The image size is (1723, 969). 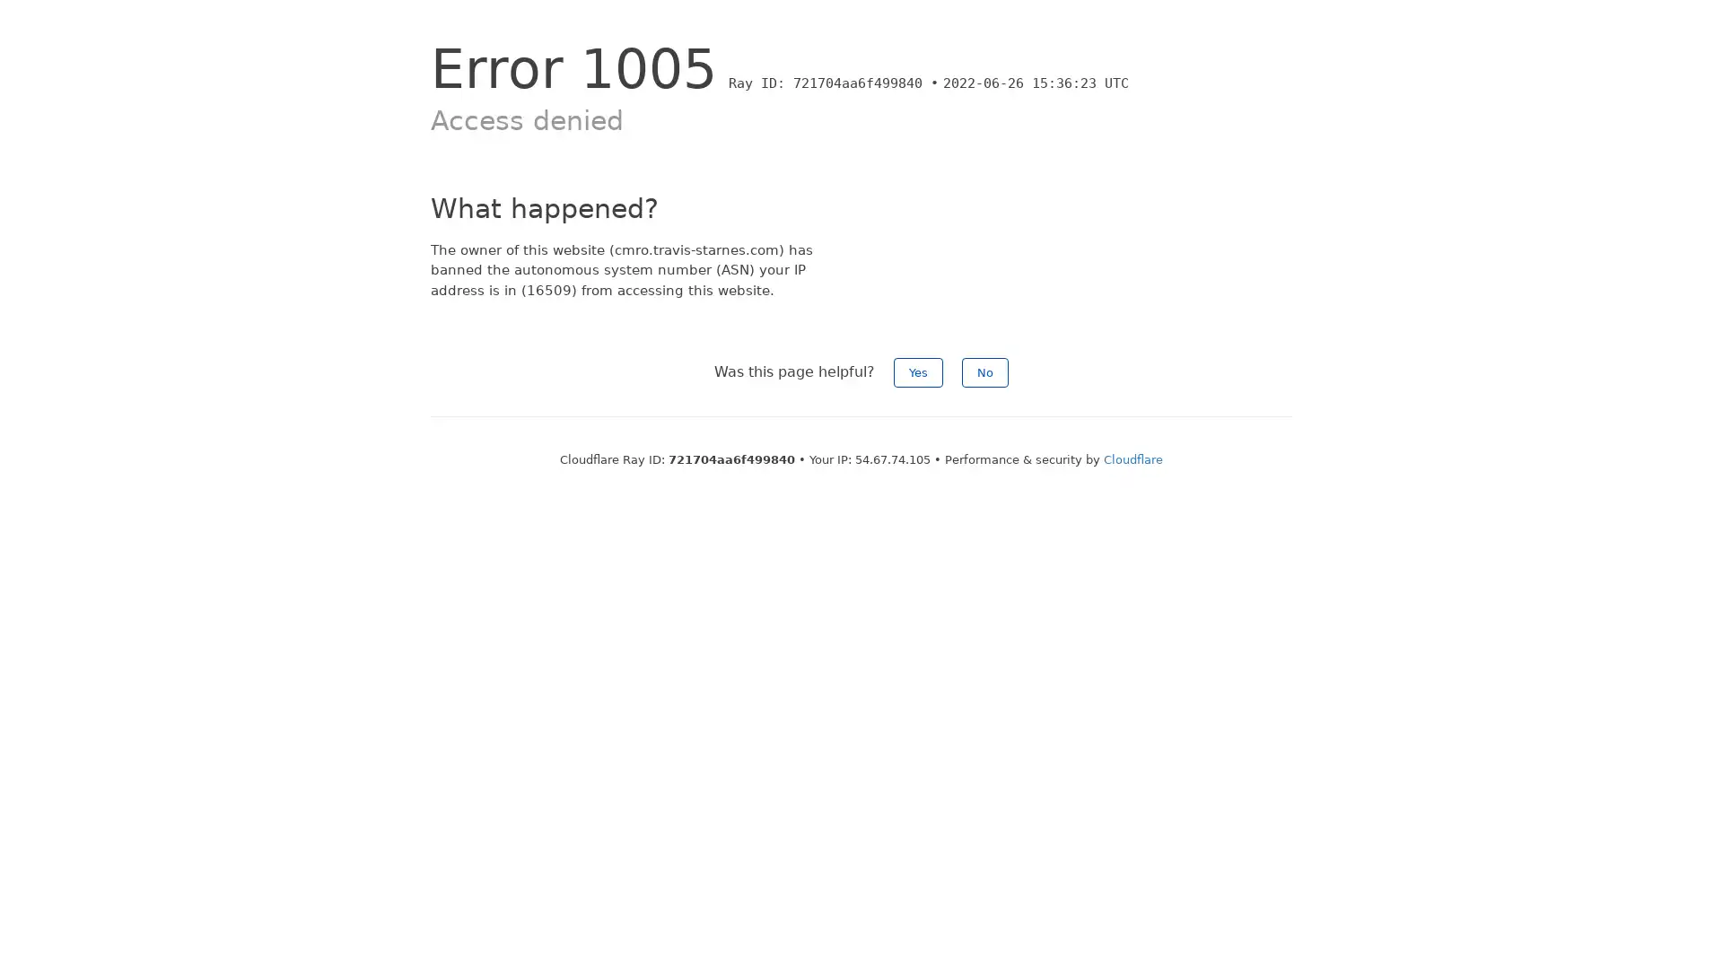 What do you see at coordinates (984, 371) in the screenshot?
I see `No` at bounding box center [984, 371].